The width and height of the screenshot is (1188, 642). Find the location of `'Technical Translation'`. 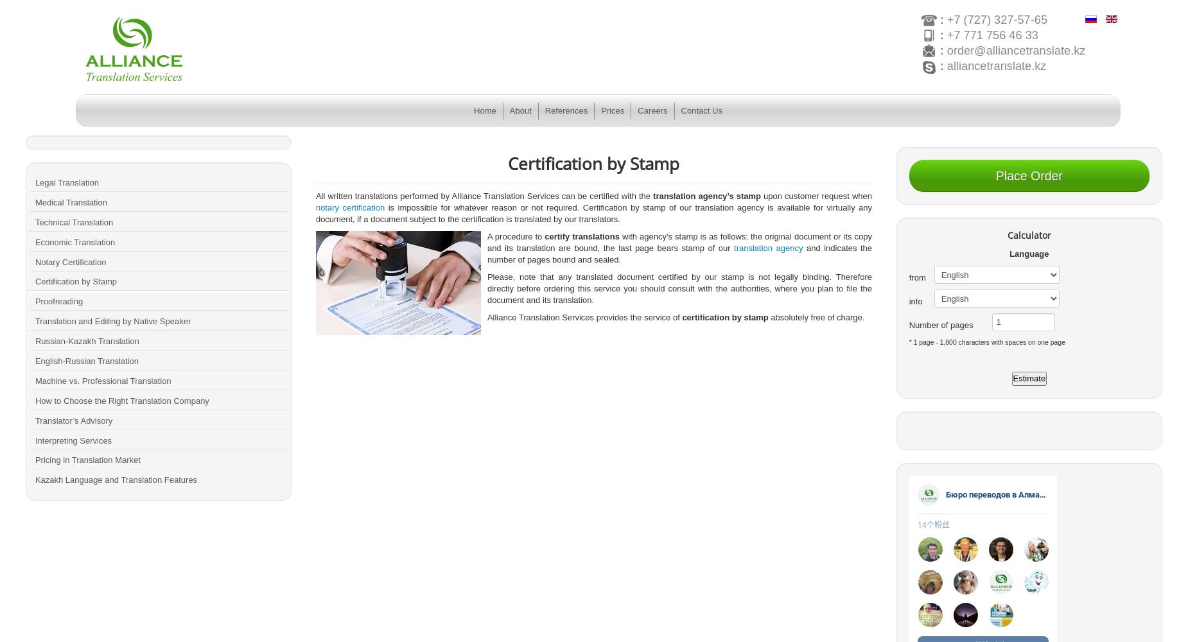

'Technical Translation' is located at coordinates (73, 221).